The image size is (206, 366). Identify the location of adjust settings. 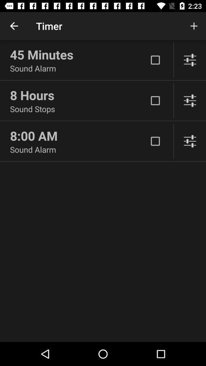
(189, 141).